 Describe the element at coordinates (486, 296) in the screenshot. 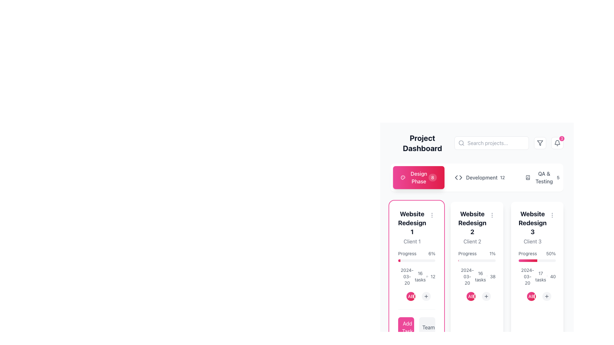

I see `the button that adds a new task or team member for the 'Website Redesign 2' project, located to the right of three circular elements with gradient colors and text ('AB')` at that location.